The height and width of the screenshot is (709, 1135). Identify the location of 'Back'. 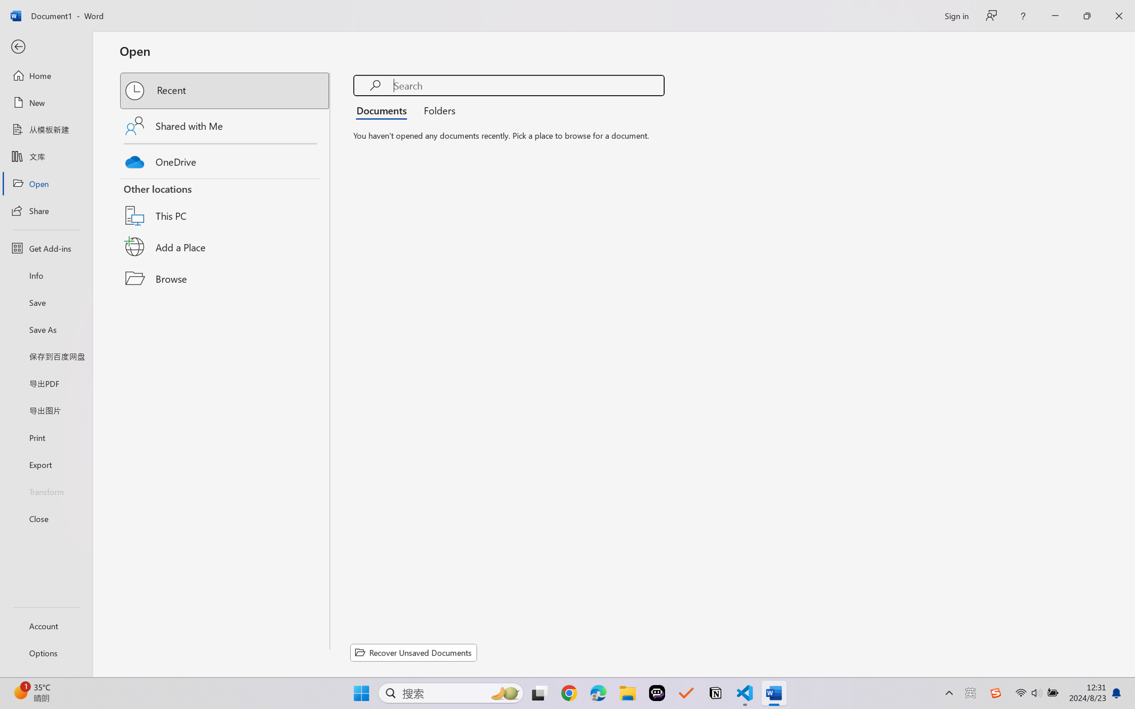
(45, 47).